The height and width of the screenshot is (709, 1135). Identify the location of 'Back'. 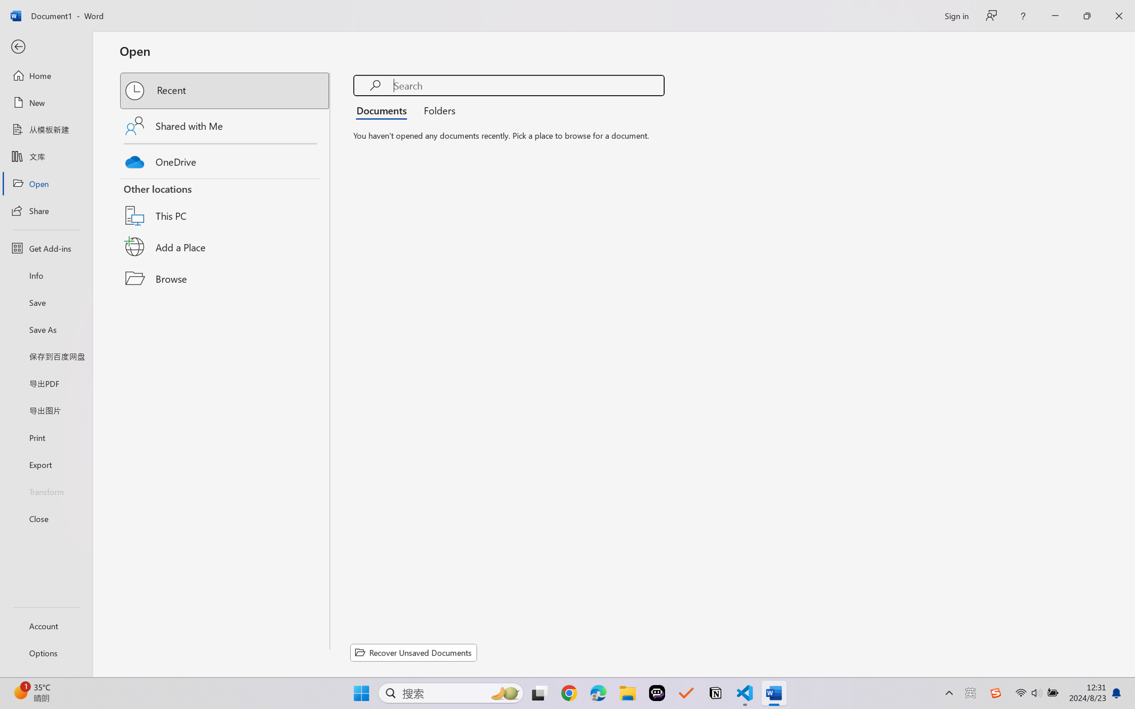
(45, 47).